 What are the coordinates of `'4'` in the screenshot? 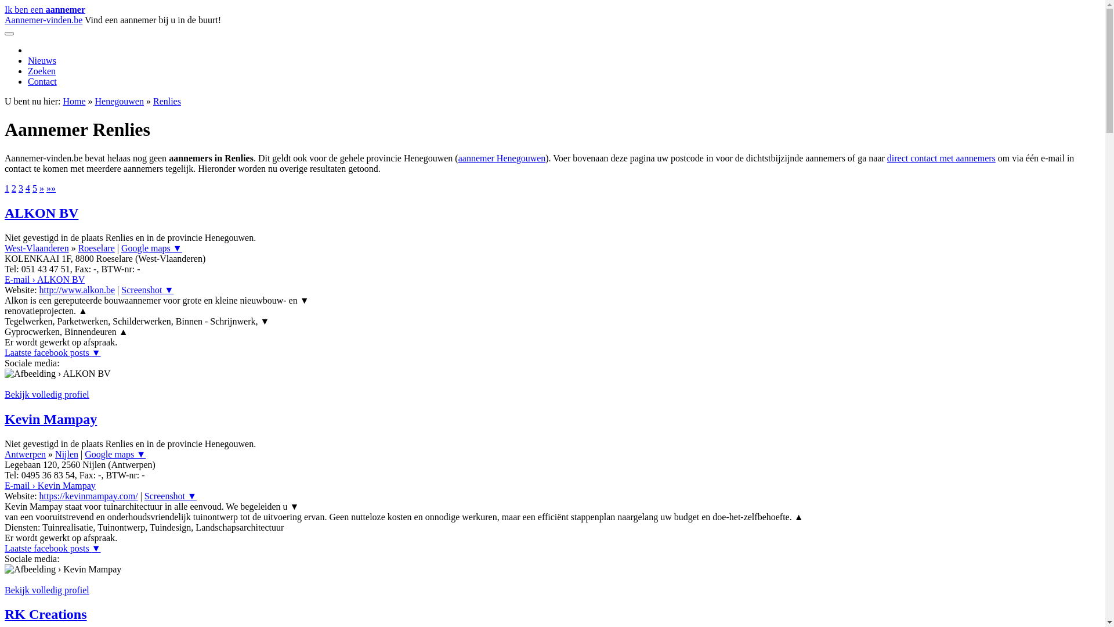 It's located at (25, 188).